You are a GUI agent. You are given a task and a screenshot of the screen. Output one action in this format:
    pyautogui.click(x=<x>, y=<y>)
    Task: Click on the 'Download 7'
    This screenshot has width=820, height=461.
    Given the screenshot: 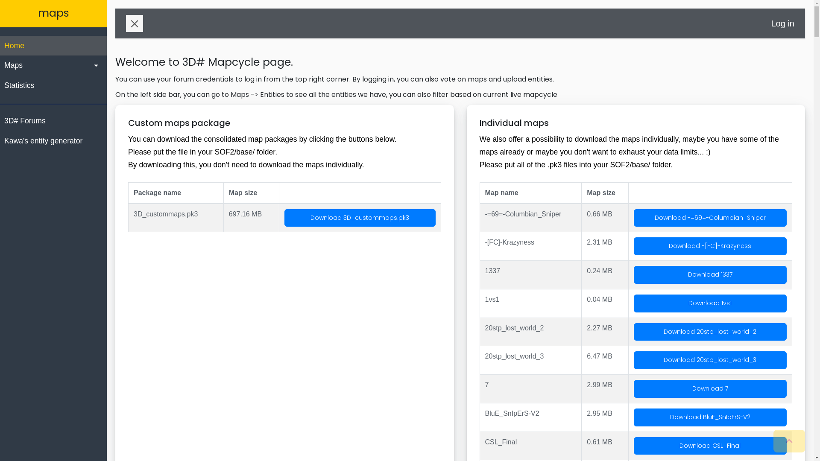 What is the action you would take?
    pyautogui.click(x=710, y=388)
    